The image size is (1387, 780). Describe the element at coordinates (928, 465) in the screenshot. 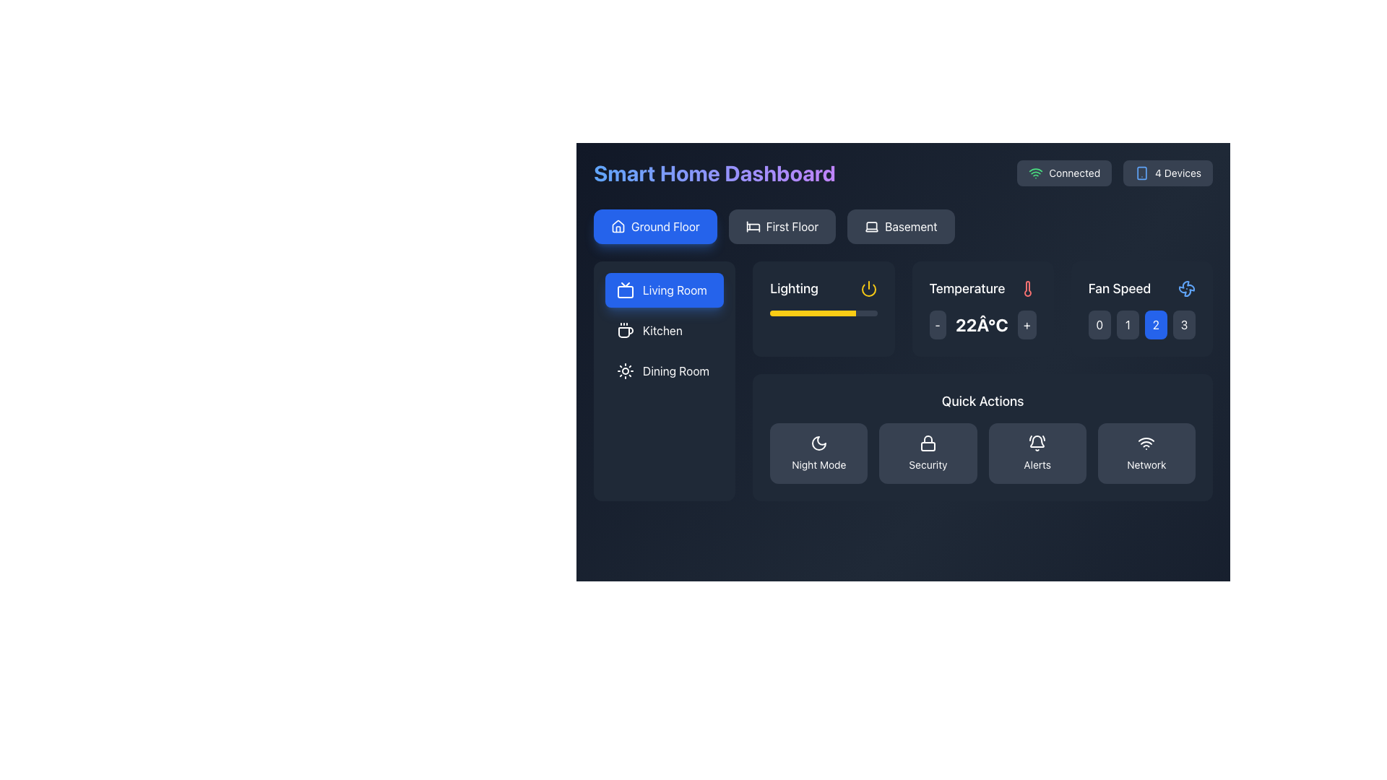

I see `the text label for the 'Security' button, which provides a description for its functionality in the 'Quick Actions' section` at that location.